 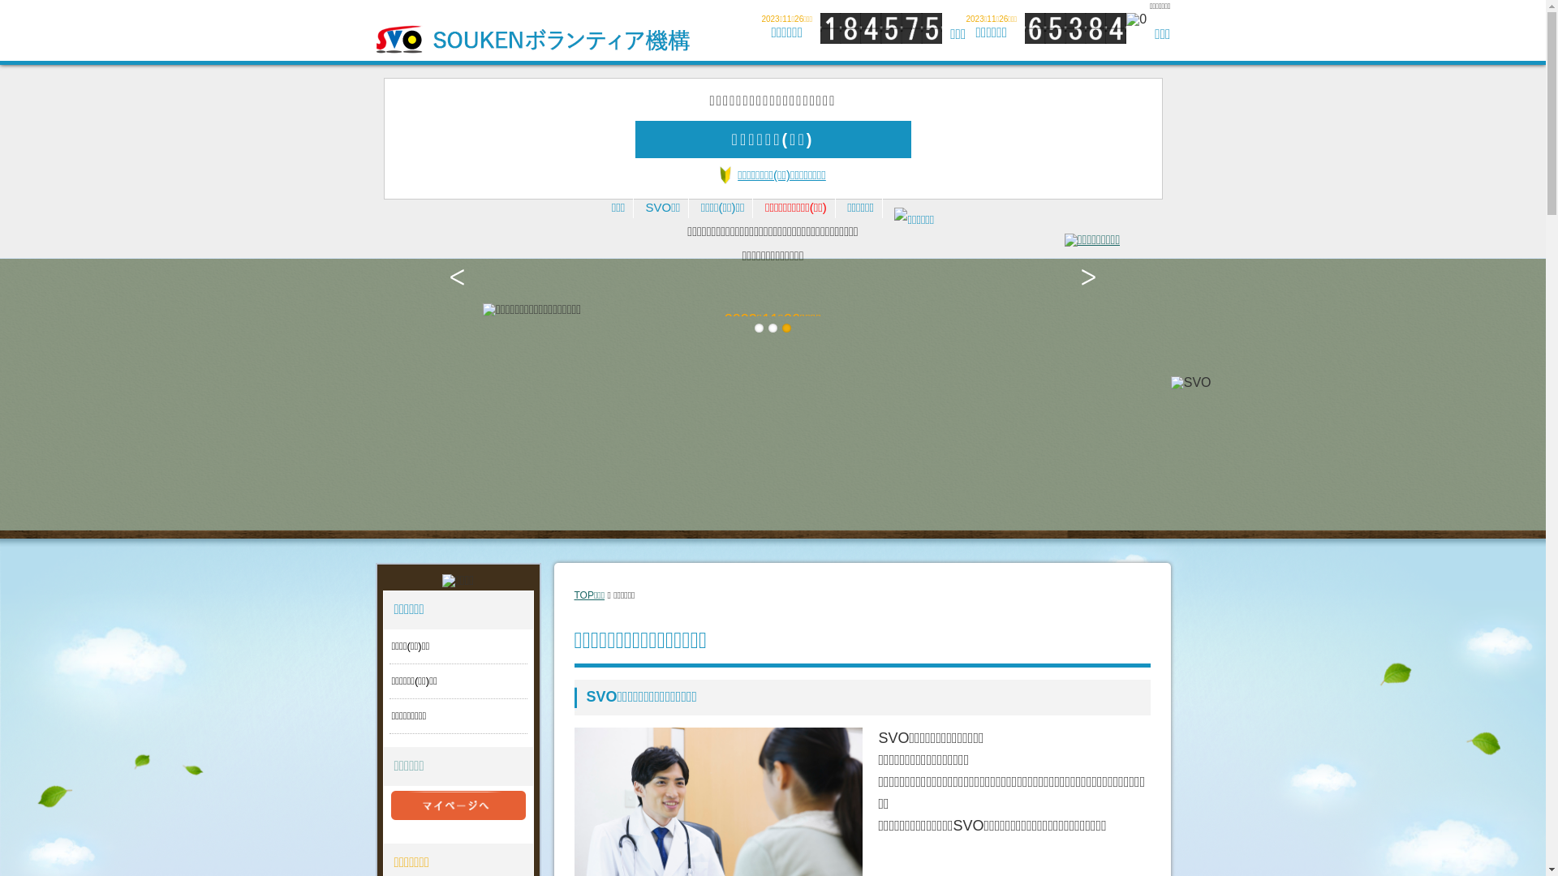 What do you see at coordinates (786, 328) in the screenshot?
I see `'3'` at bounding box center [786, 328].